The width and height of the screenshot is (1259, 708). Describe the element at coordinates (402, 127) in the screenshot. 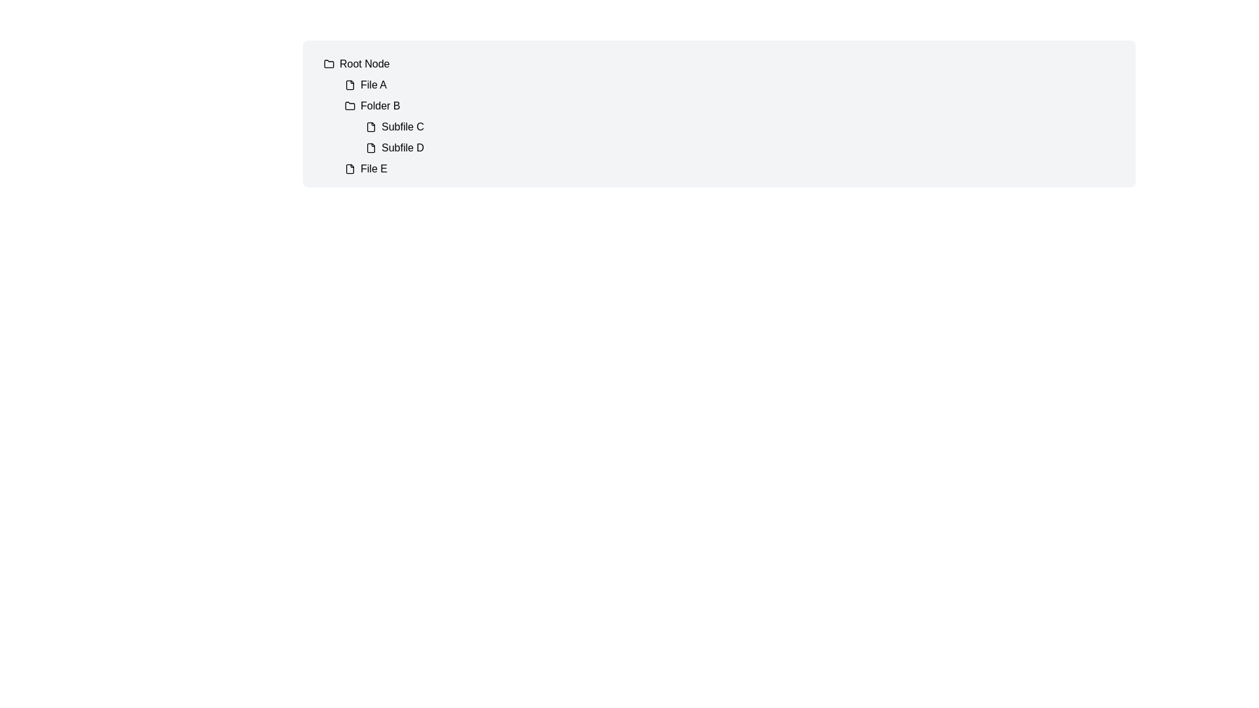

I see `the text label 'Subfile C'` at that location.